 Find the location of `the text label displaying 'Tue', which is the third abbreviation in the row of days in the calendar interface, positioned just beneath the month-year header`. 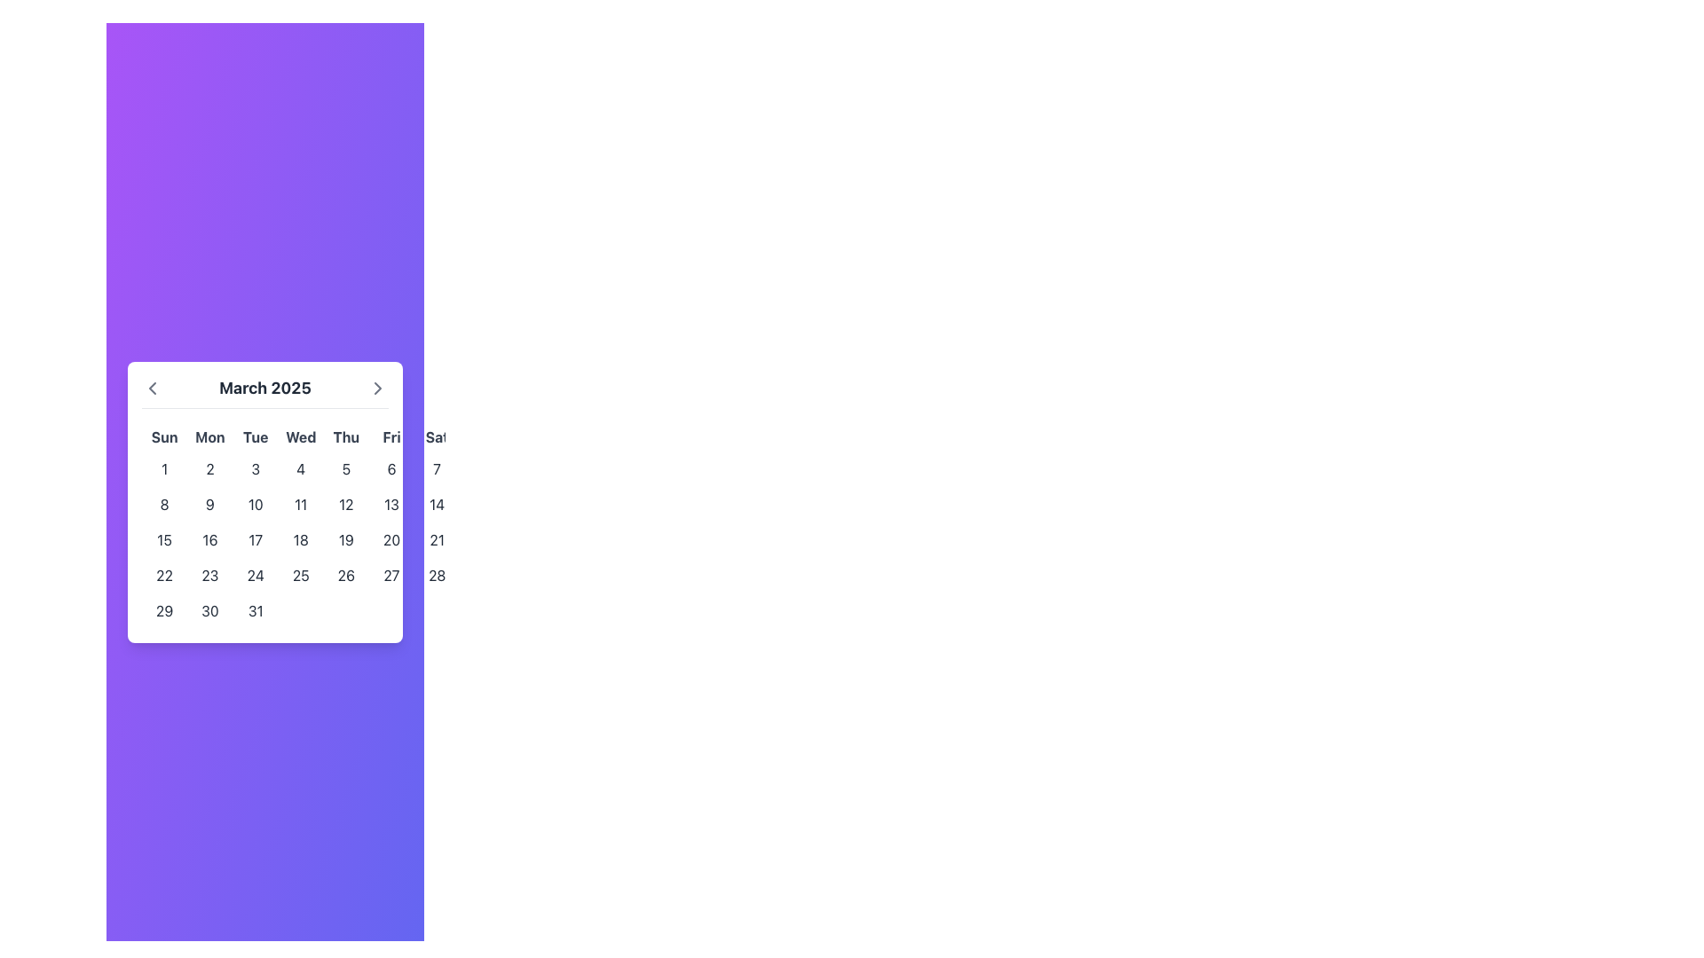

the text label displaying 'Tue', which is the third abbreviation in the row of days in the calendar interface, positioned just beneath the month-year header is located at coordinates (255, 436).